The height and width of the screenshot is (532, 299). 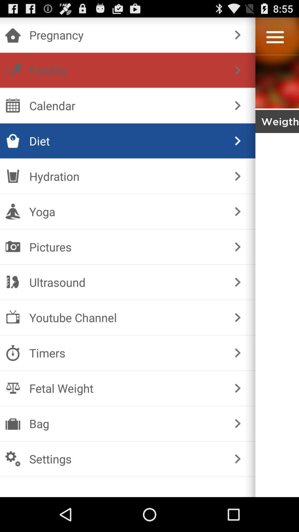 What do you see at coordinates (127, 176) in the screenshot?
I see `the checkbox below diet icon` at bounding box center [127, 176].